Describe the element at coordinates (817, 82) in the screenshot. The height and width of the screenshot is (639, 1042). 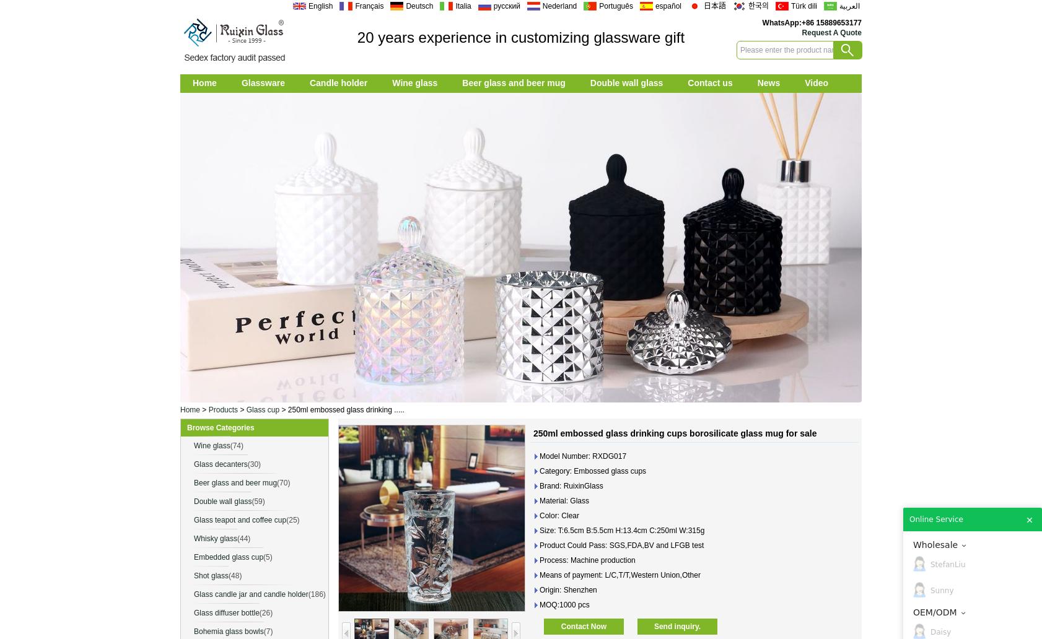
I see `'Video'` at that location.